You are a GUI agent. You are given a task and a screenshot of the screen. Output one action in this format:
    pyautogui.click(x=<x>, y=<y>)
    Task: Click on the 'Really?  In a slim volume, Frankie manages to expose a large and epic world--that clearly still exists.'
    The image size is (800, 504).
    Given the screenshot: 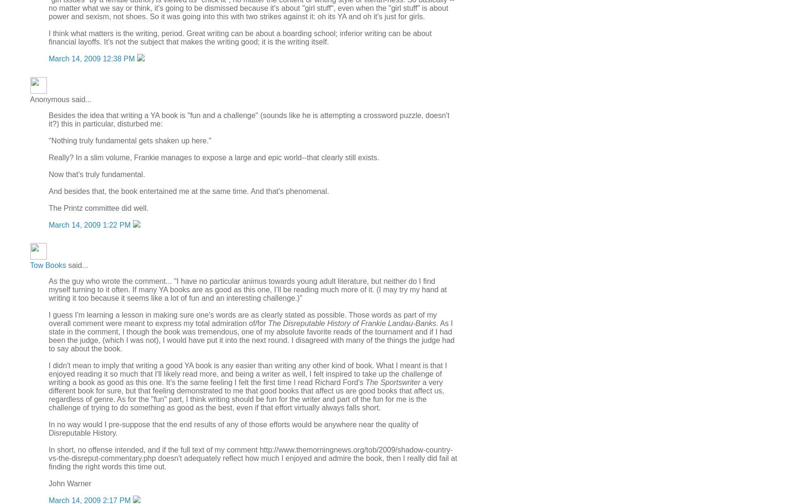 What is the action you would take?
    pyautogui.click(x=213, y=157)
    